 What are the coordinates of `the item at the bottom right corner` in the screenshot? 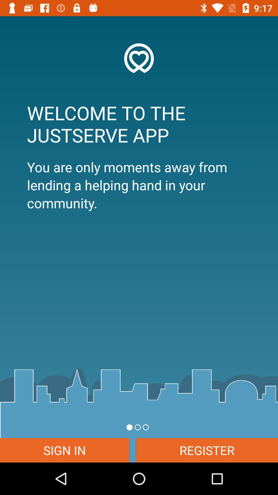 It's located at (207, 450).